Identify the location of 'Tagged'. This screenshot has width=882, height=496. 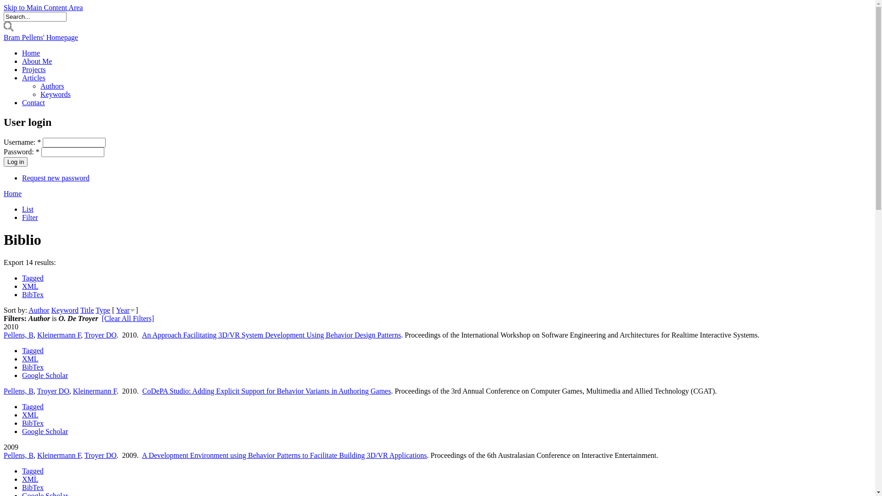
(22, 471).